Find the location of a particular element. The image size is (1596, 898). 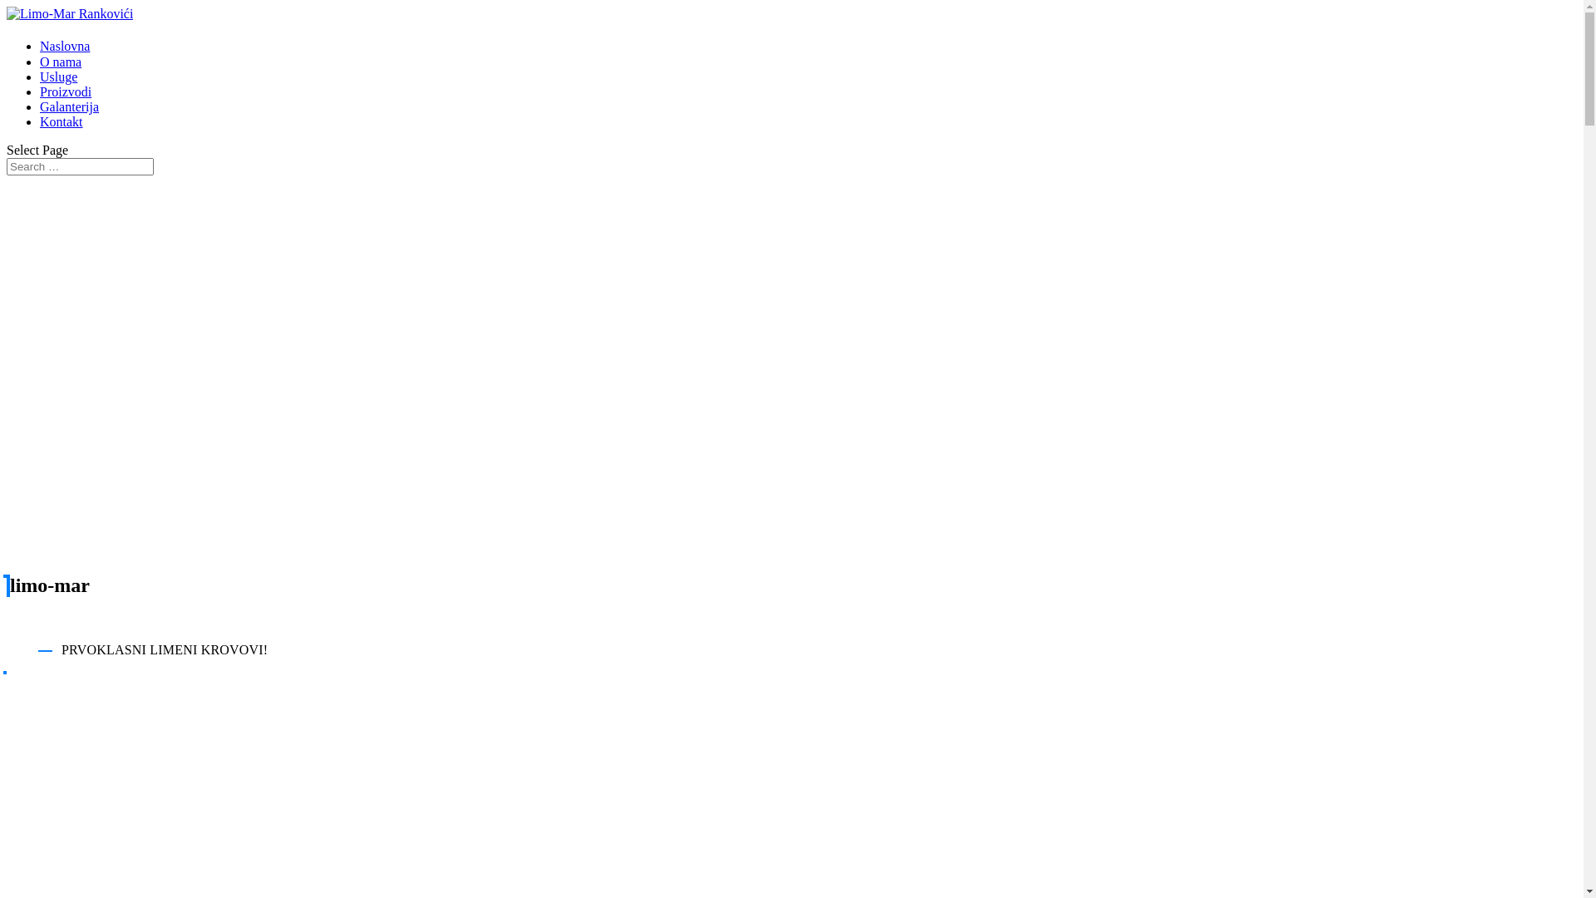

'O nama' is located at coordinates (60, 61).